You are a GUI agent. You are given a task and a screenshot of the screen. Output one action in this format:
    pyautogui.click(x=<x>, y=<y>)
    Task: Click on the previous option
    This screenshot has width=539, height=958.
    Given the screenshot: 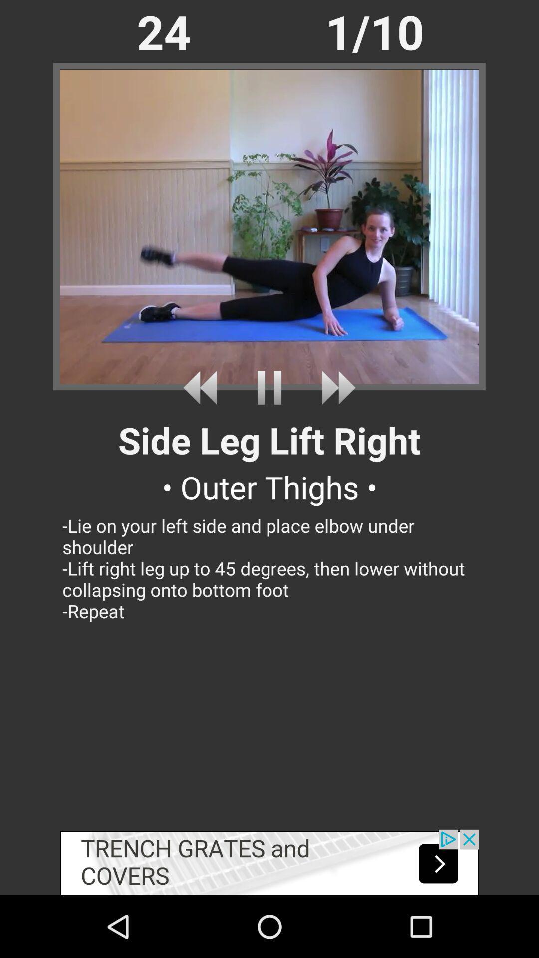 What is the action you would take?
    pyautogui.click(x=203, y=387)
    